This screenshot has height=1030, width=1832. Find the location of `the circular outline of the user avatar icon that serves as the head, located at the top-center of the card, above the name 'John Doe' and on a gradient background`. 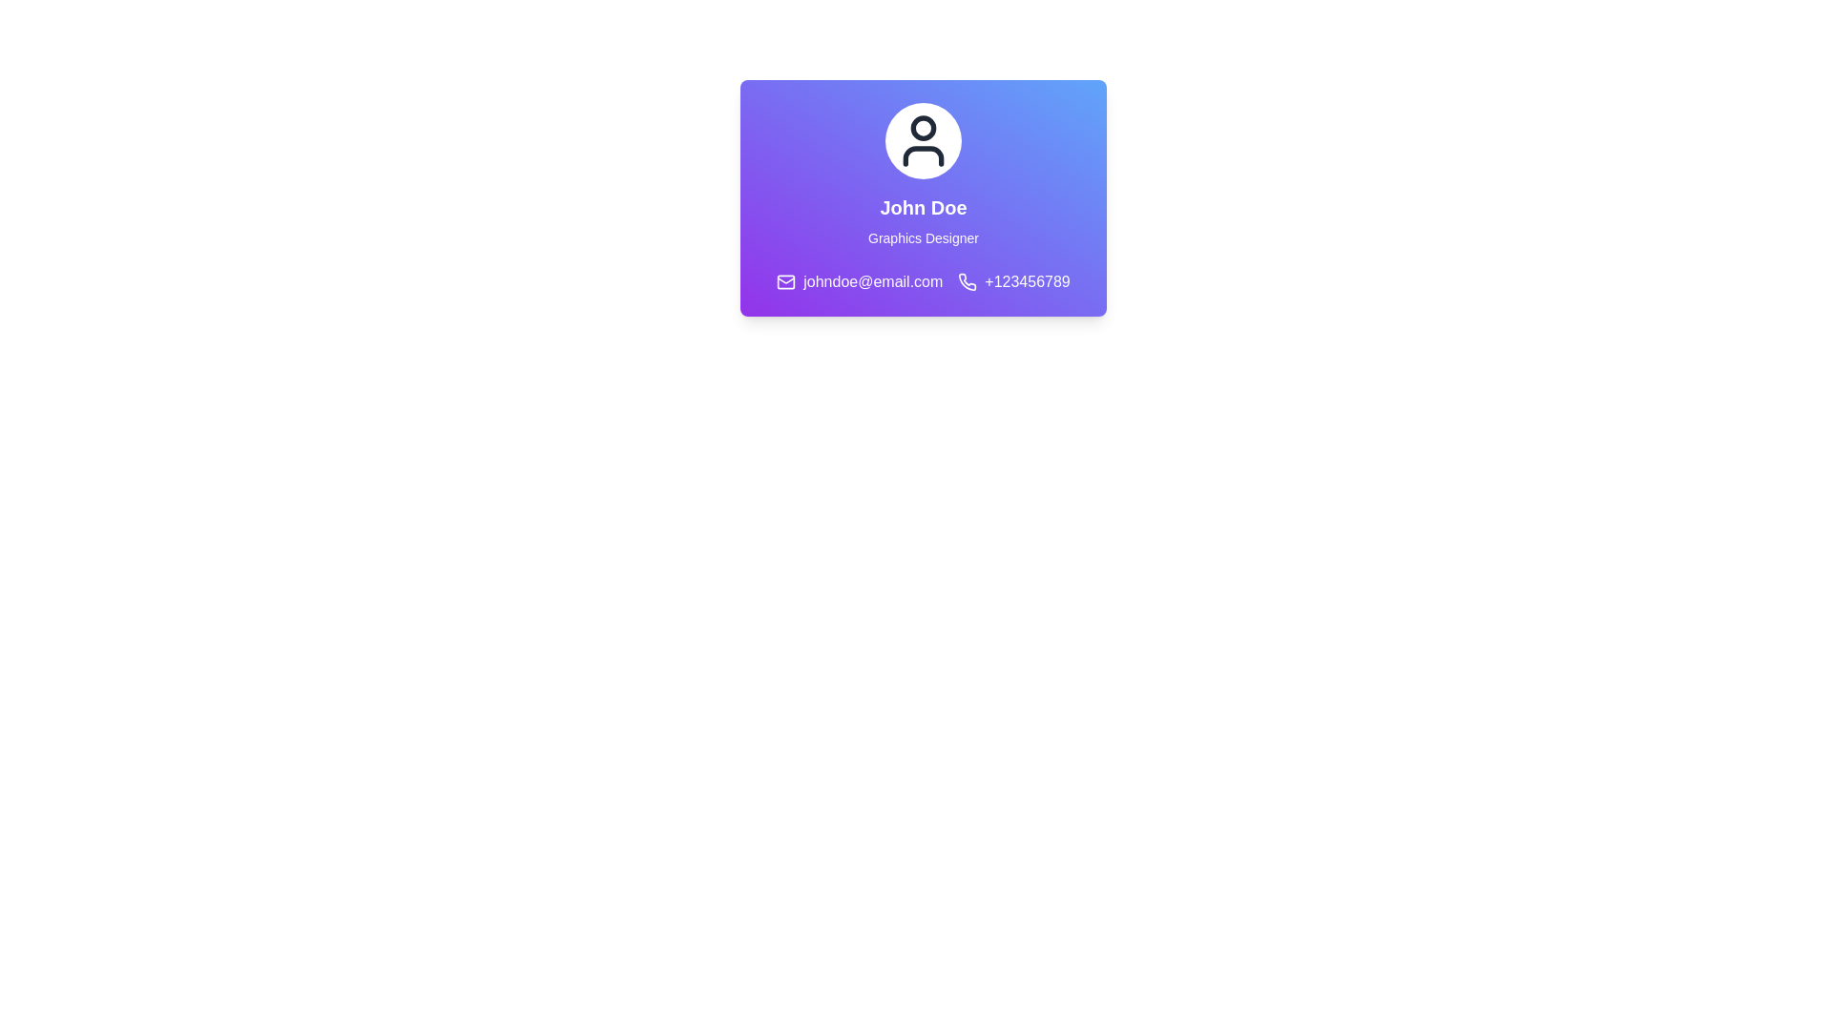

the circular outline of the user avatar icon that serves as the head, located at the top-center of the card, above the name 'John Doe' and on a gradient background is located at coordinates (924, 128).